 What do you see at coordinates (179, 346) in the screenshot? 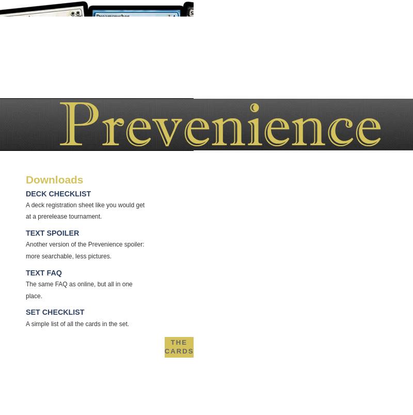
I see `'The Cards'` at bounding box center [179, 346].